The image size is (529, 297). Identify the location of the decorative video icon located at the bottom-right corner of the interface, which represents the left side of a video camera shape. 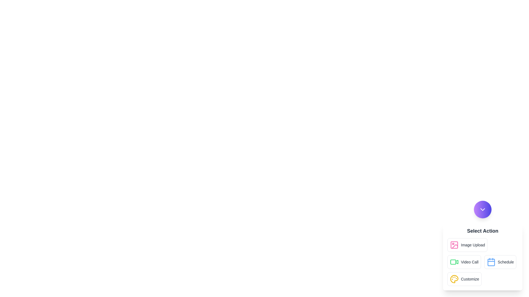
(453, 262).